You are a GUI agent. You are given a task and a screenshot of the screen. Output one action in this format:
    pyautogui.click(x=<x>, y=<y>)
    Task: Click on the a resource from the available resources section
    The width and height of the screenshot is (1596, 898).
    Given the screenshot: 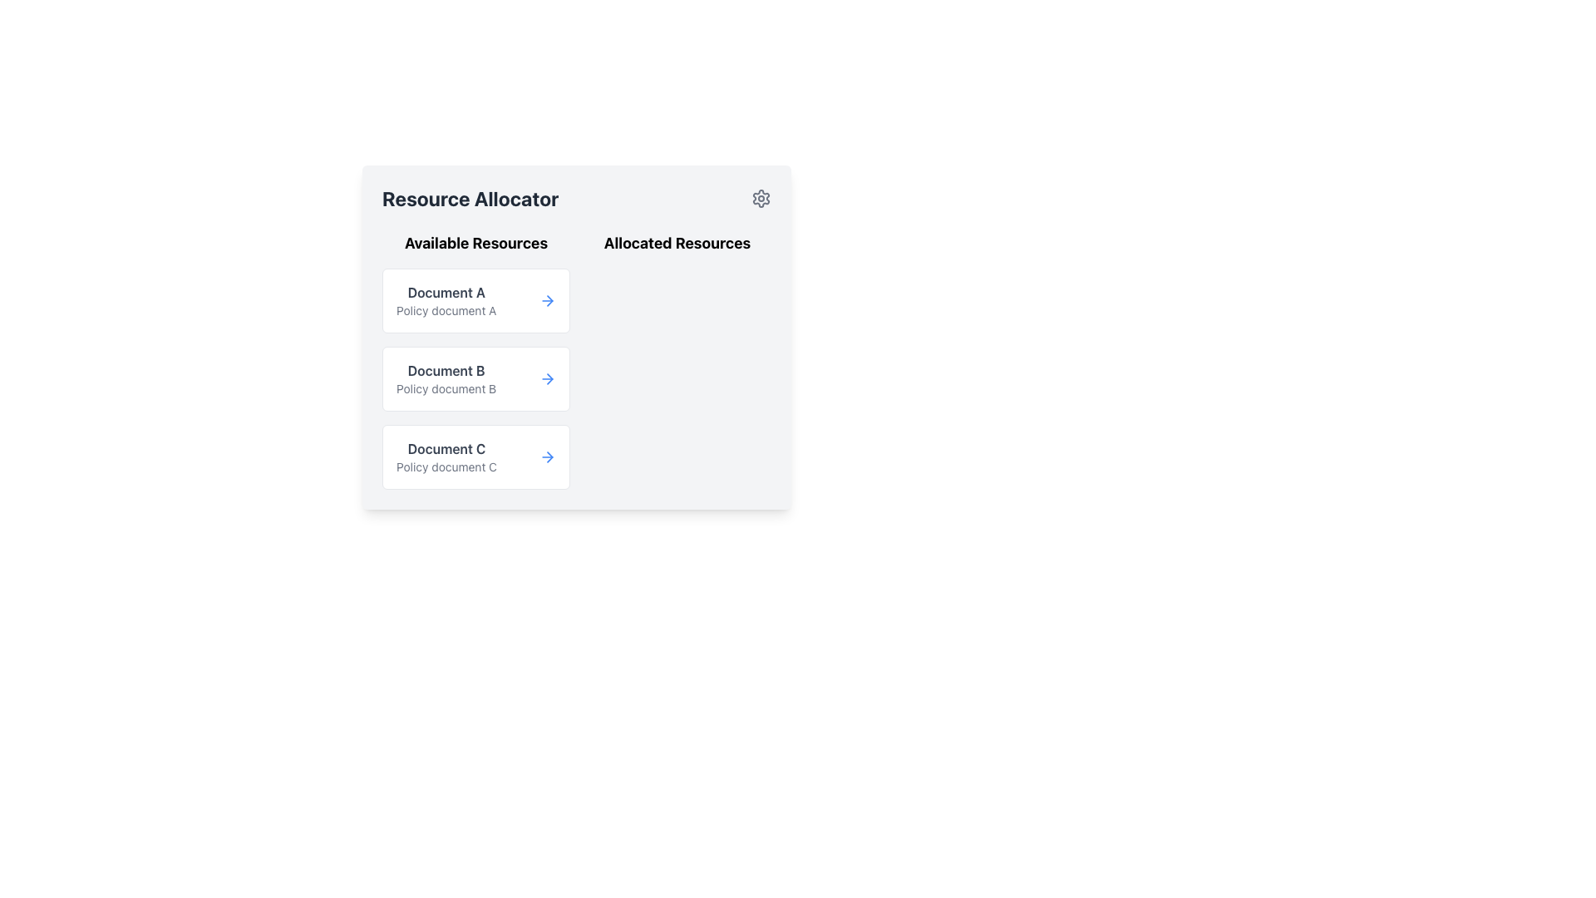 What is the action you would take?
    pyautogui.click(x=577, y=360)
    